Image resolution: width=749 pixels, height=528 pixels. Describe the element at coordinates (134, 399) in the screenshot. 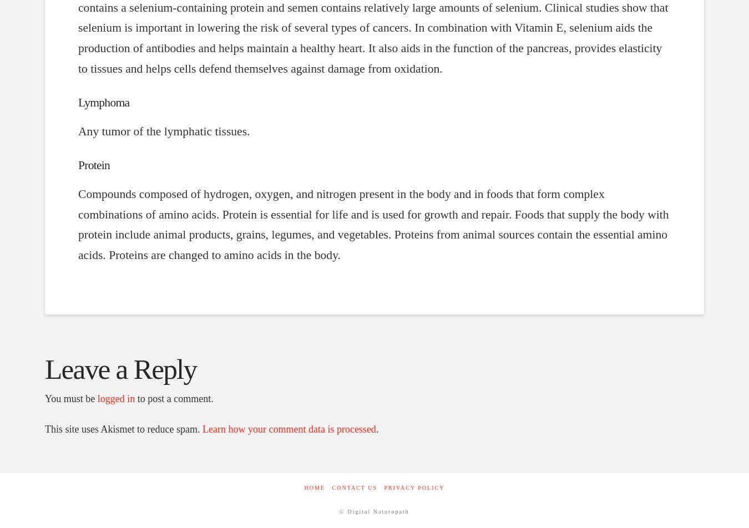

I see `'to post a comment.'` at that location.